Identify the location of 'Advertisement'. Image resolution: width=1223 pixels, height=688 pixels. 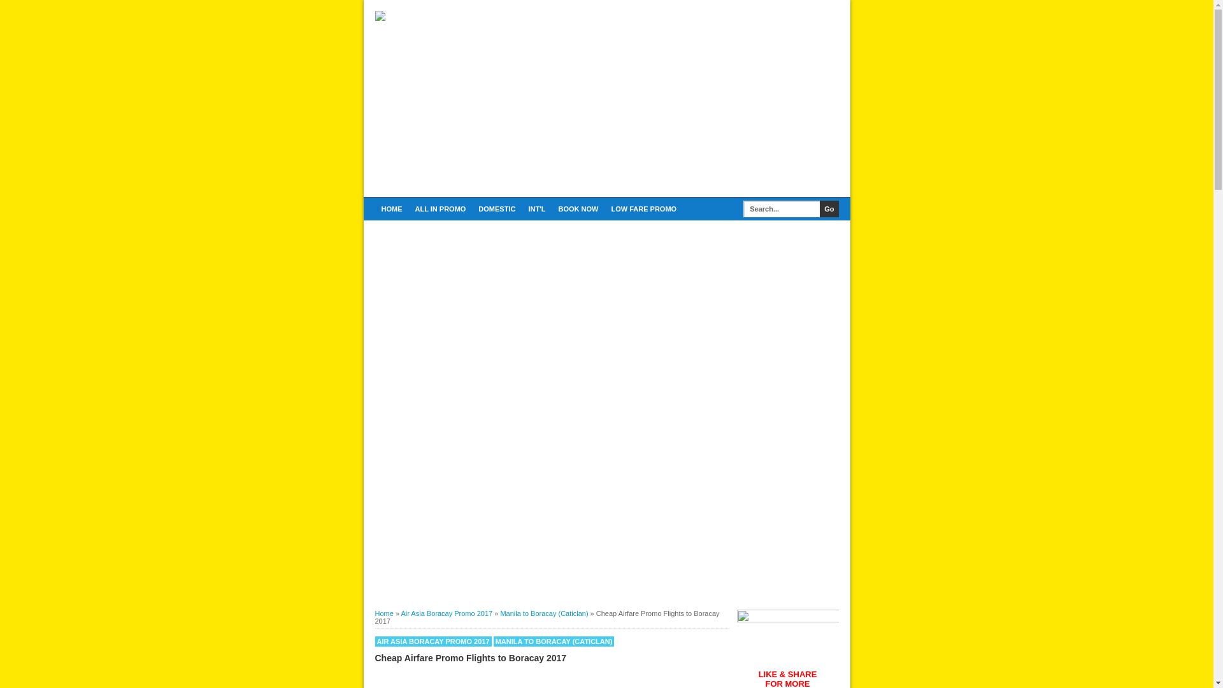
(688, 99).